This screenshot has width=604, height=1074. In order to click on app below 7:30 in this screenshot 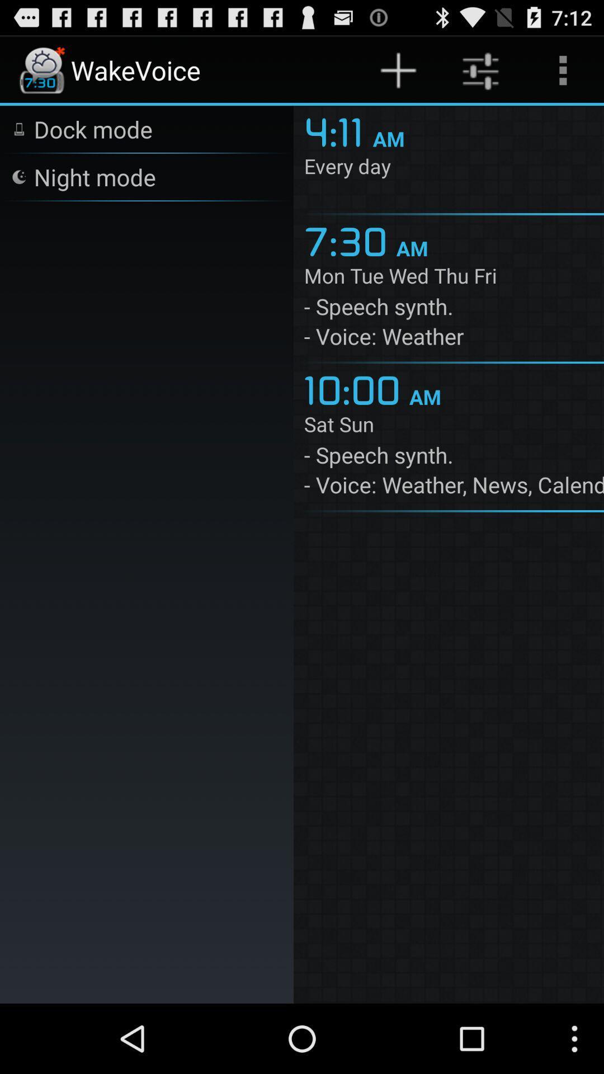, I will do `click(454, 278)`.